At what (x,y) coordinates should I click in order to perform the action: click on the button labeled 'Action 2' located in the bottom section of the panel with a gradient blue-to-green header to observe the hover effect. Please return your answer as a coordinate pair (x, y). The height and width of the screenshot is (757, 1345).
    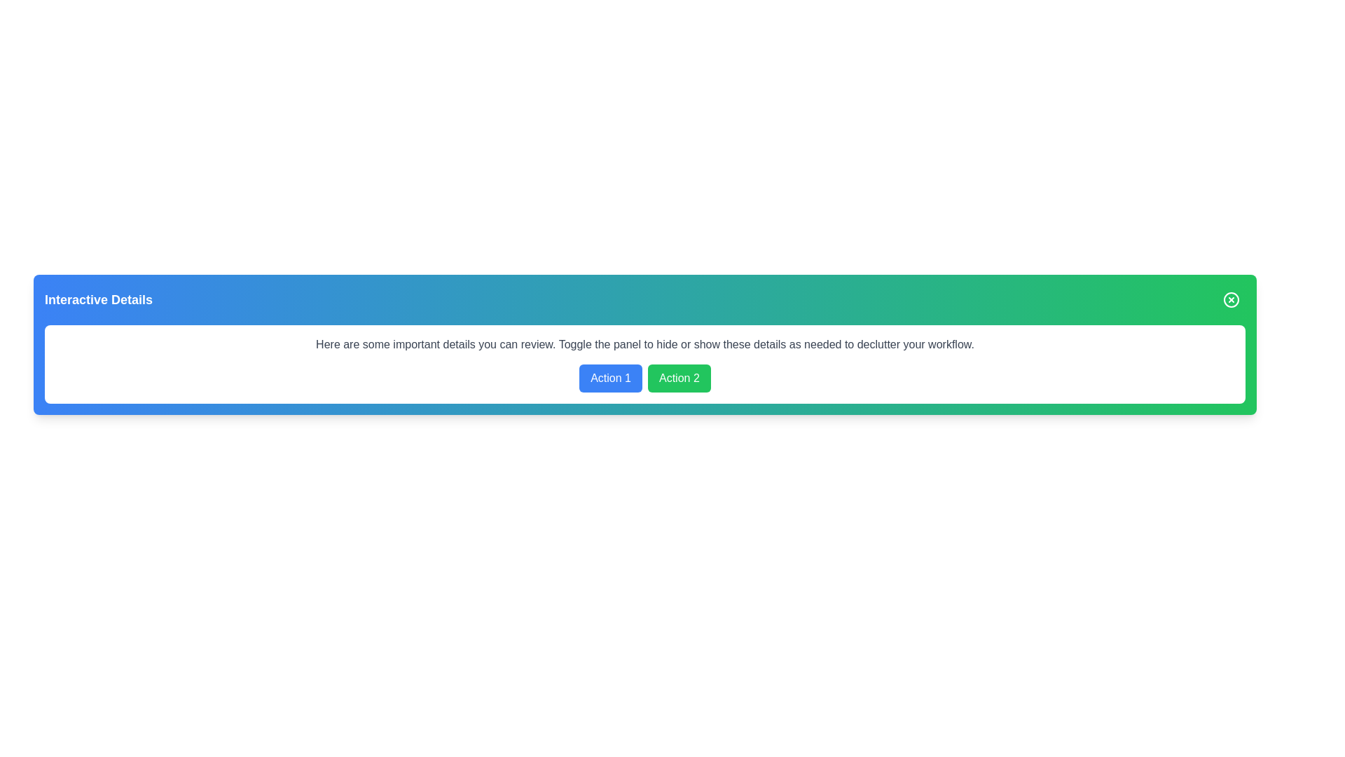
    Looking at the image, I should click on (679, 378).